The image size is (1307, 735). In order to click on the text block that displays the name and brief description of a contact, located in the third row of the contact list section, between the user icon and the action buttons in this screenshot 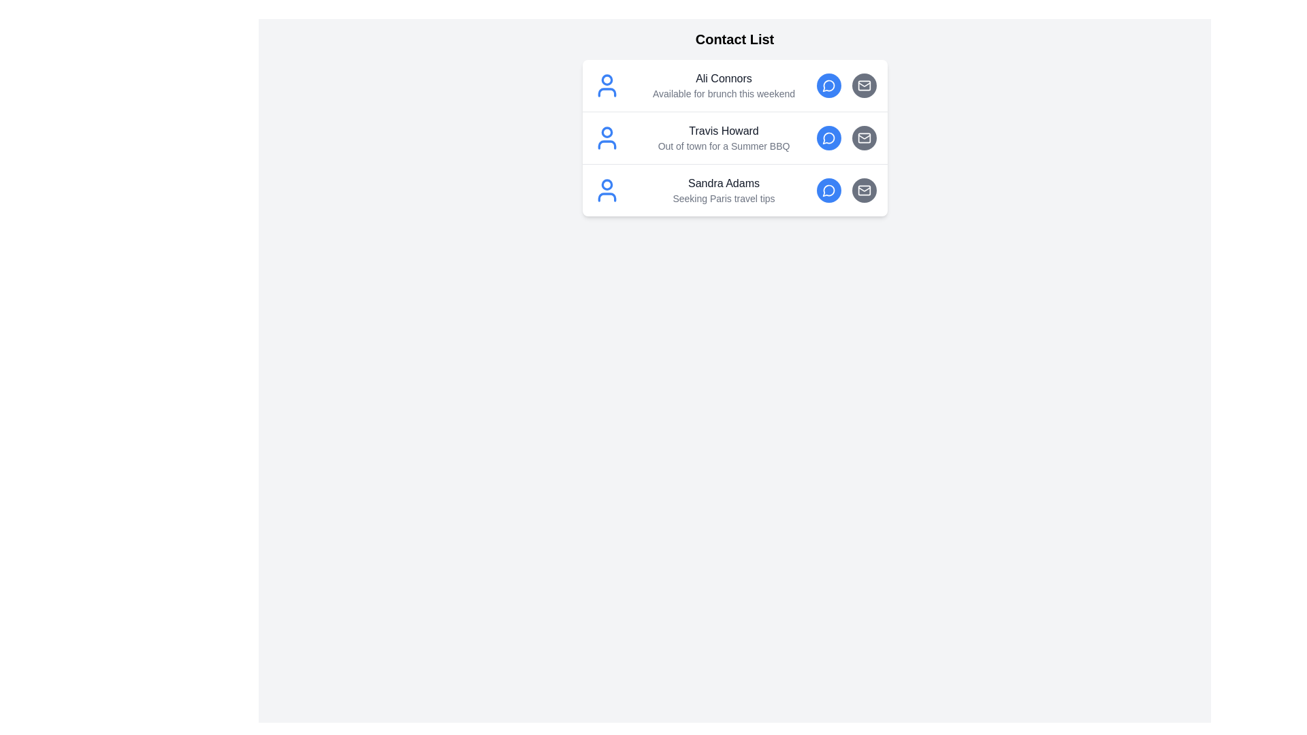, I will do `click(723, 191)`.